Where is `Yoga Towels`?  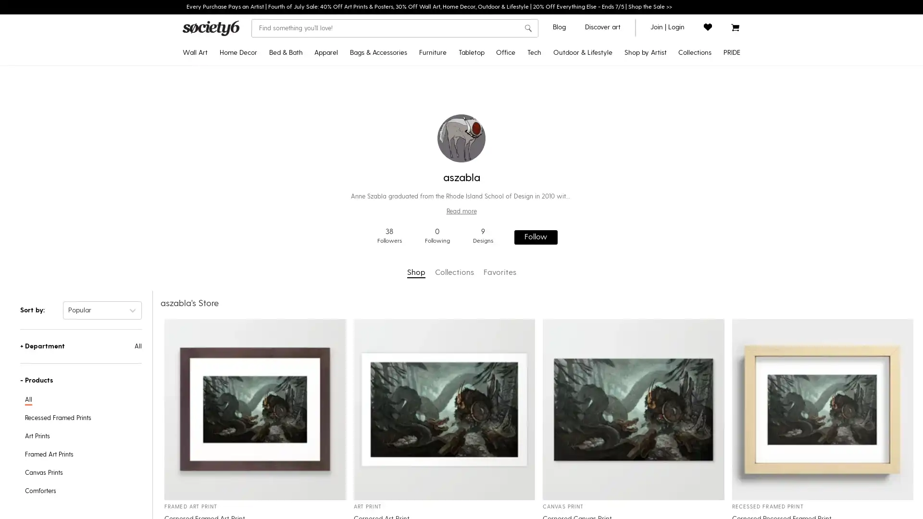
Yoga Towels is located at coordinates (595, 108).